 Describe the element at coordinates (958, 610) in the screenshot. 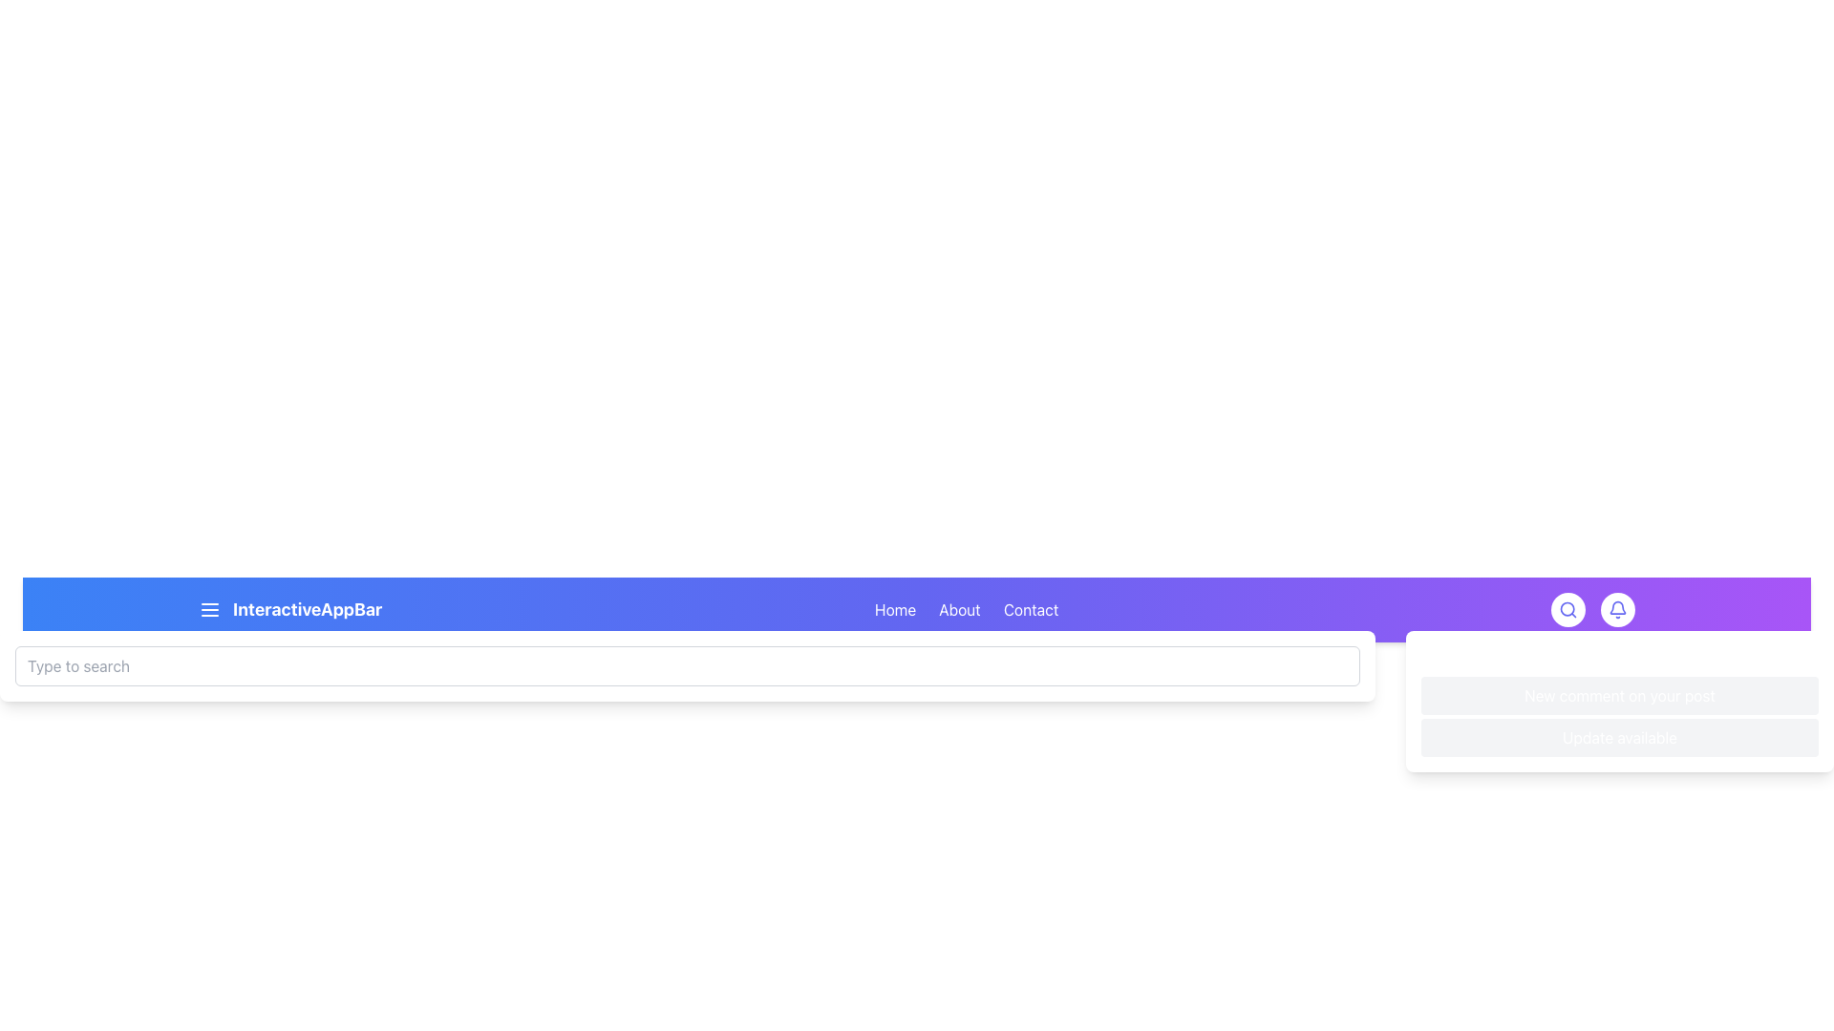

I see `the 'About' hyperlink located in the top-right navigation group` at that location.